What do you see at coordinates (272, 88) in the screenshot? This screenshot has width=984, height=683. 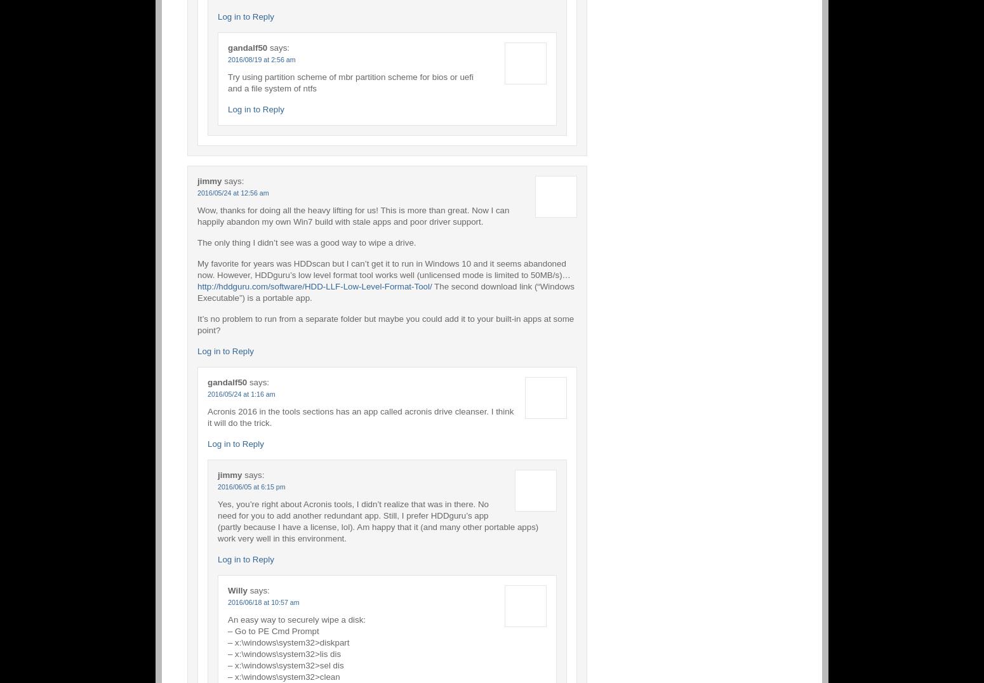 I see `'and a file system of ntfs'` at bounding box center [272, 88].